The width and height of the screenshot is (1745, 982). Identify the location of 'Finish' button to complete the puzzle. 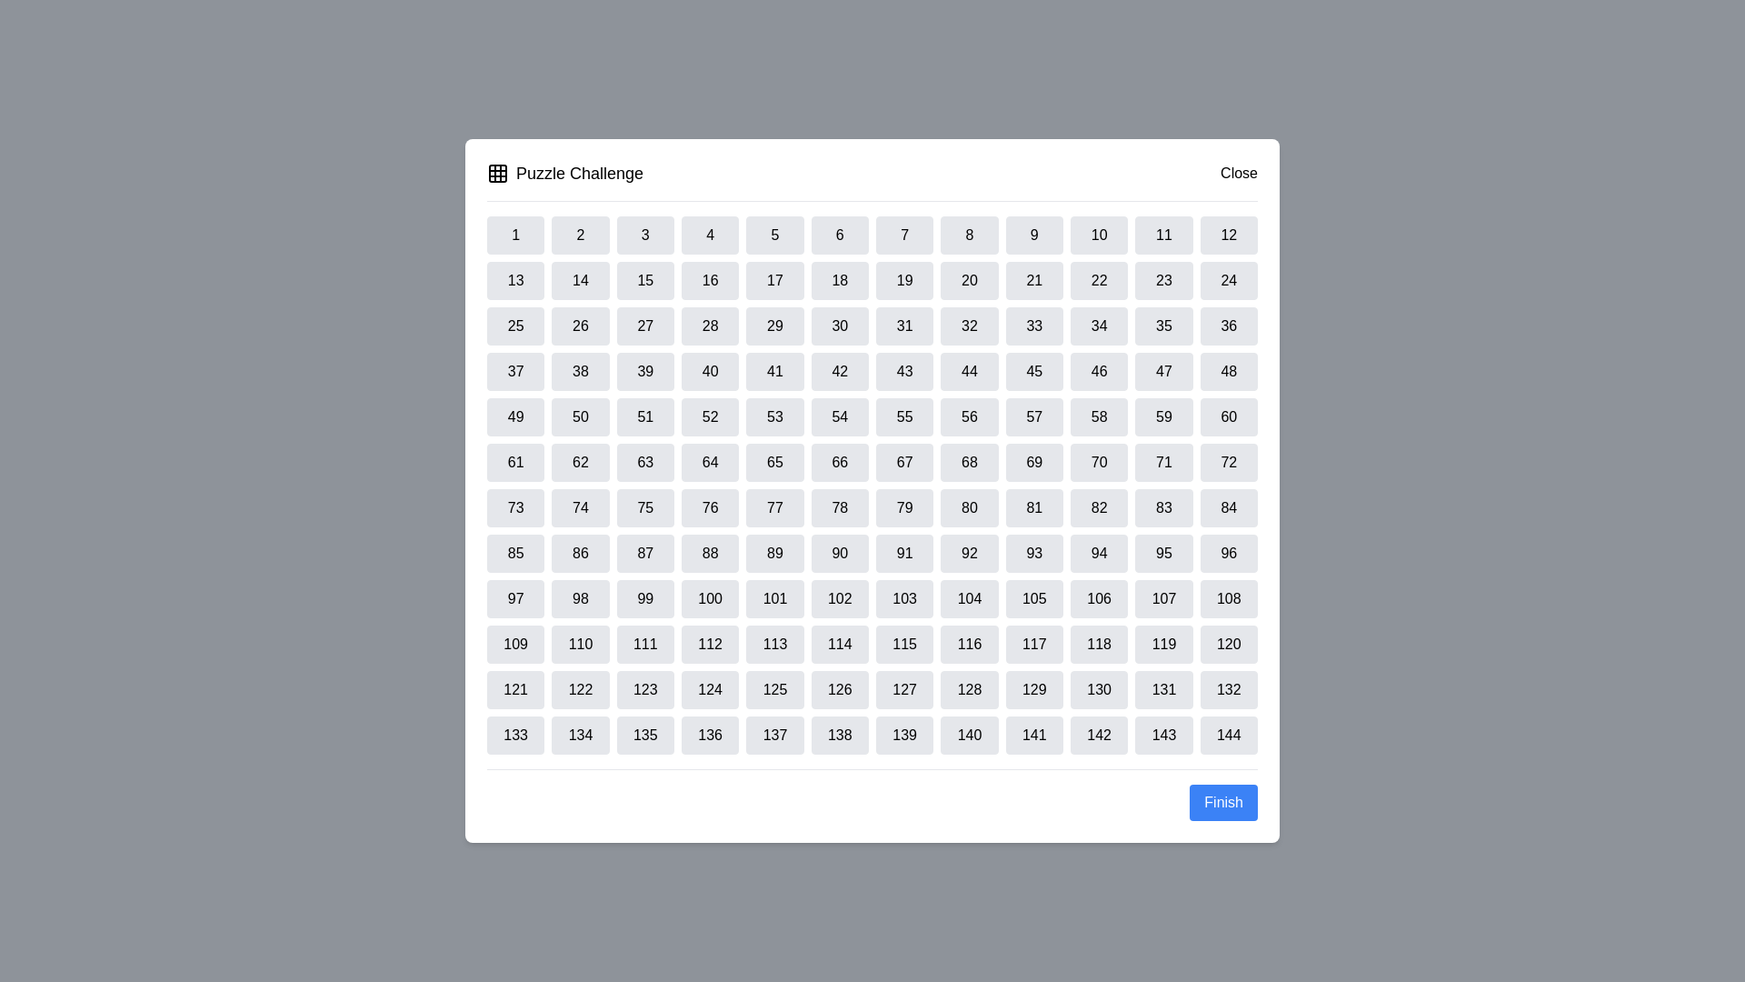
(1222, 802).